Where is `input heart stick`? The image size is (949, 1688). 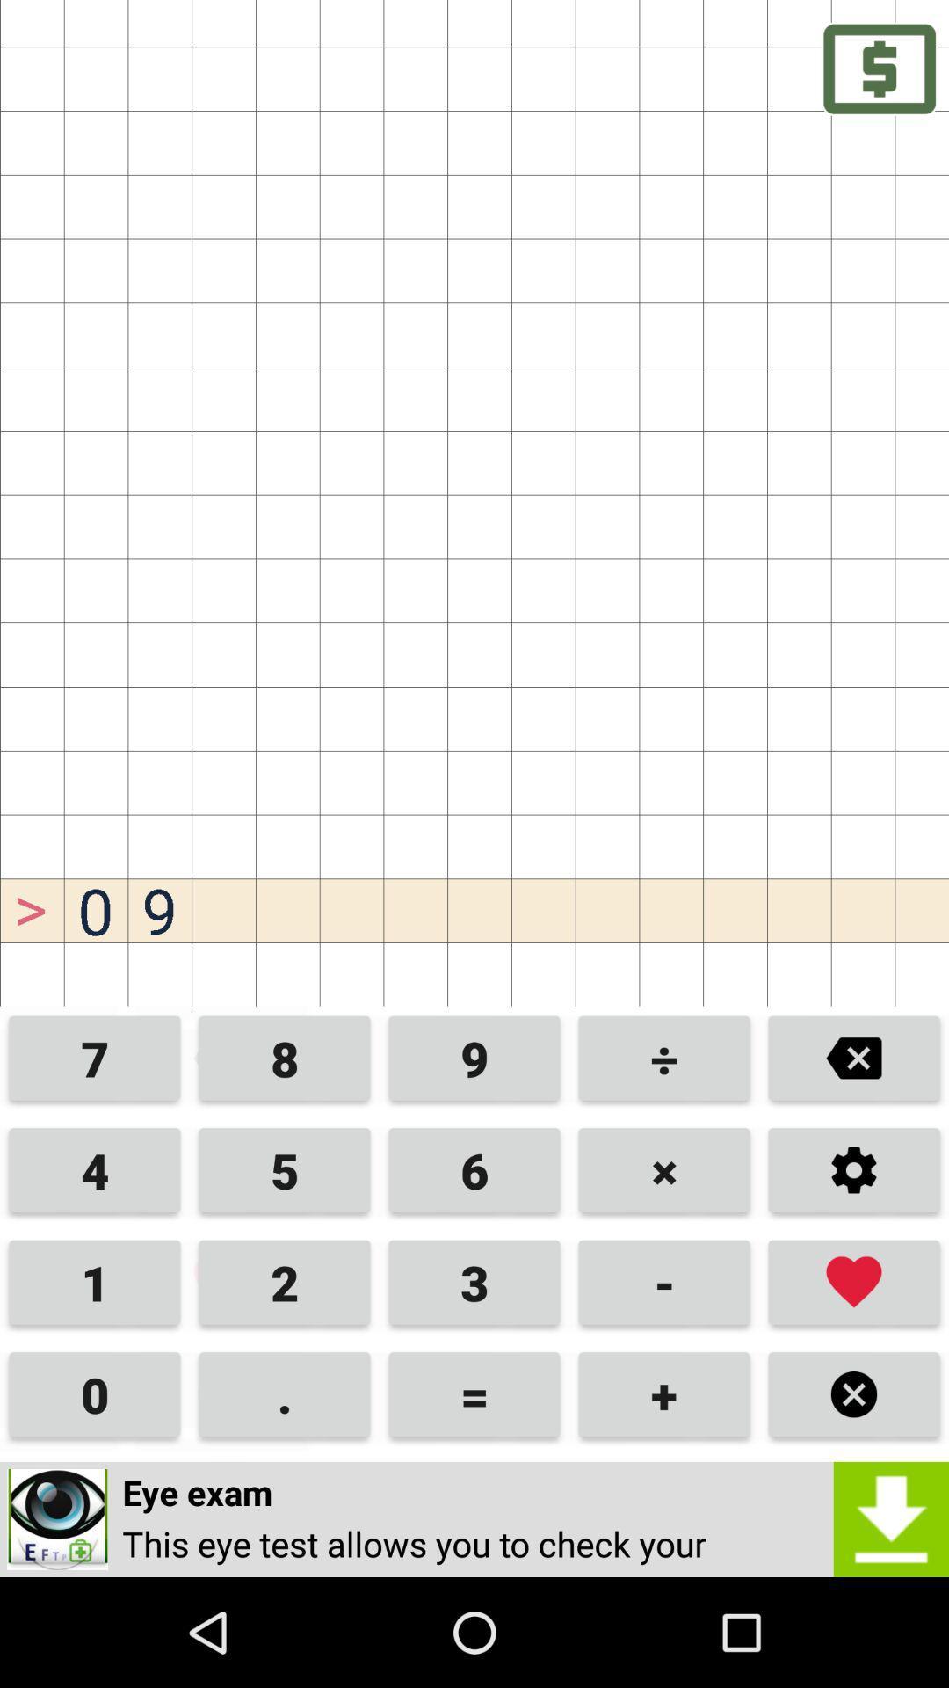
input heart stick is located at coordinates (853, 1282).